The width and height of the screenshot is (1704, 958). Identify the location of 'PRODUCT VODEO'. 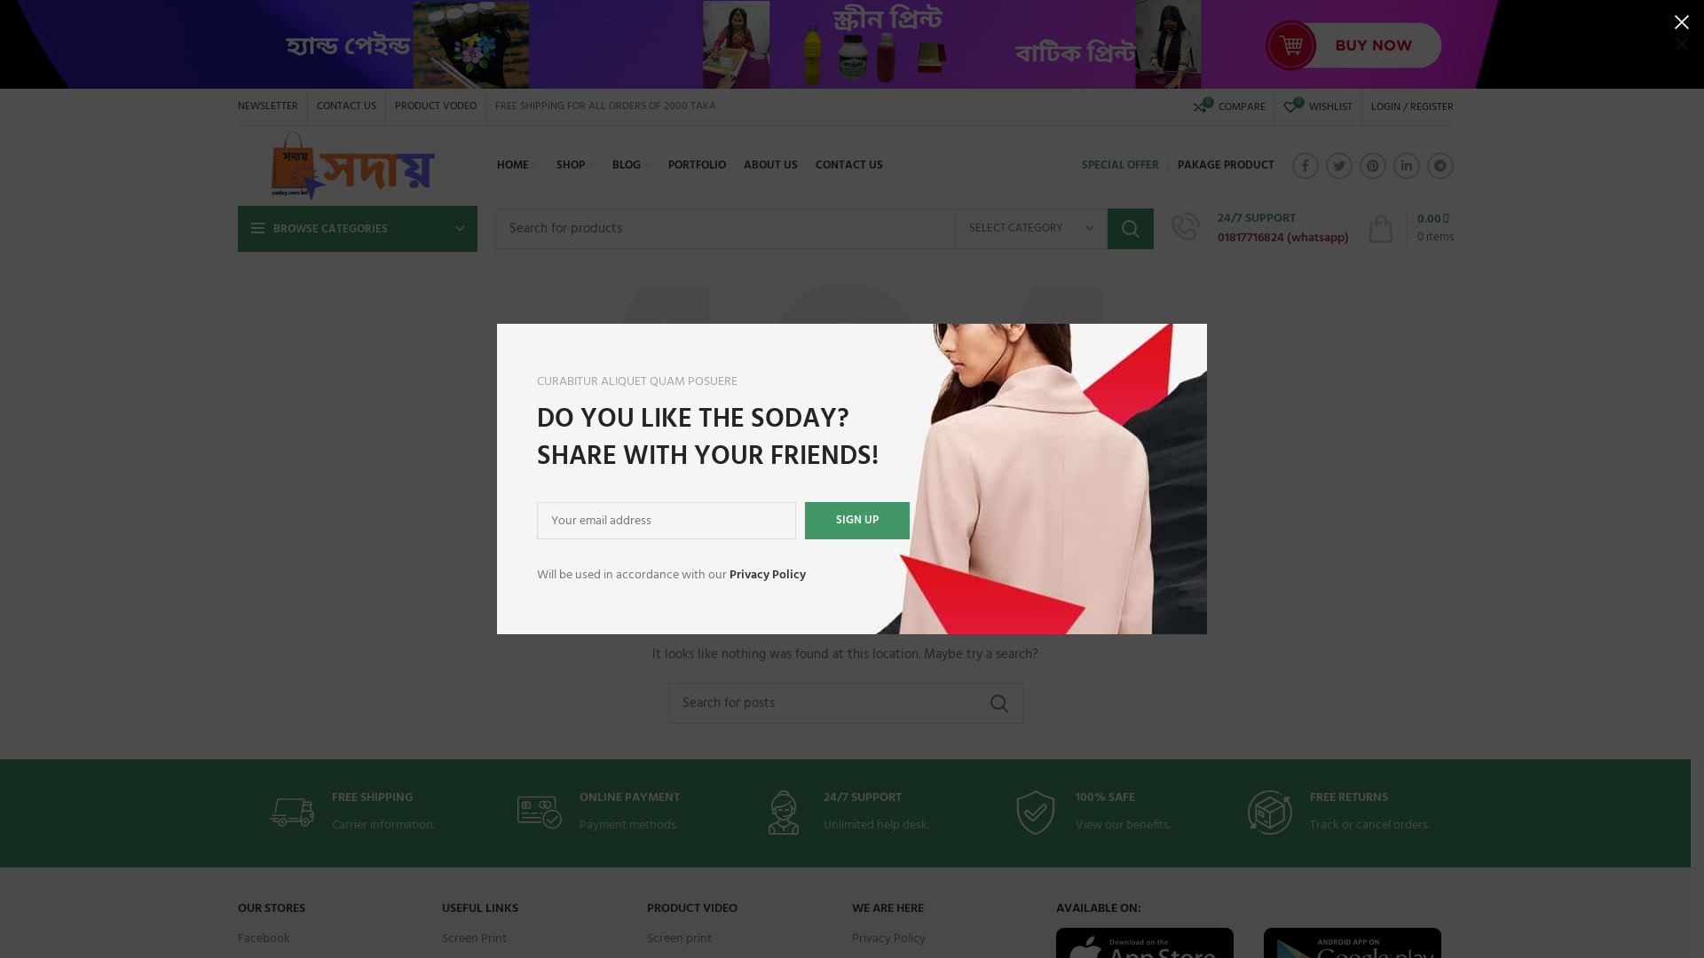
(383, 106).